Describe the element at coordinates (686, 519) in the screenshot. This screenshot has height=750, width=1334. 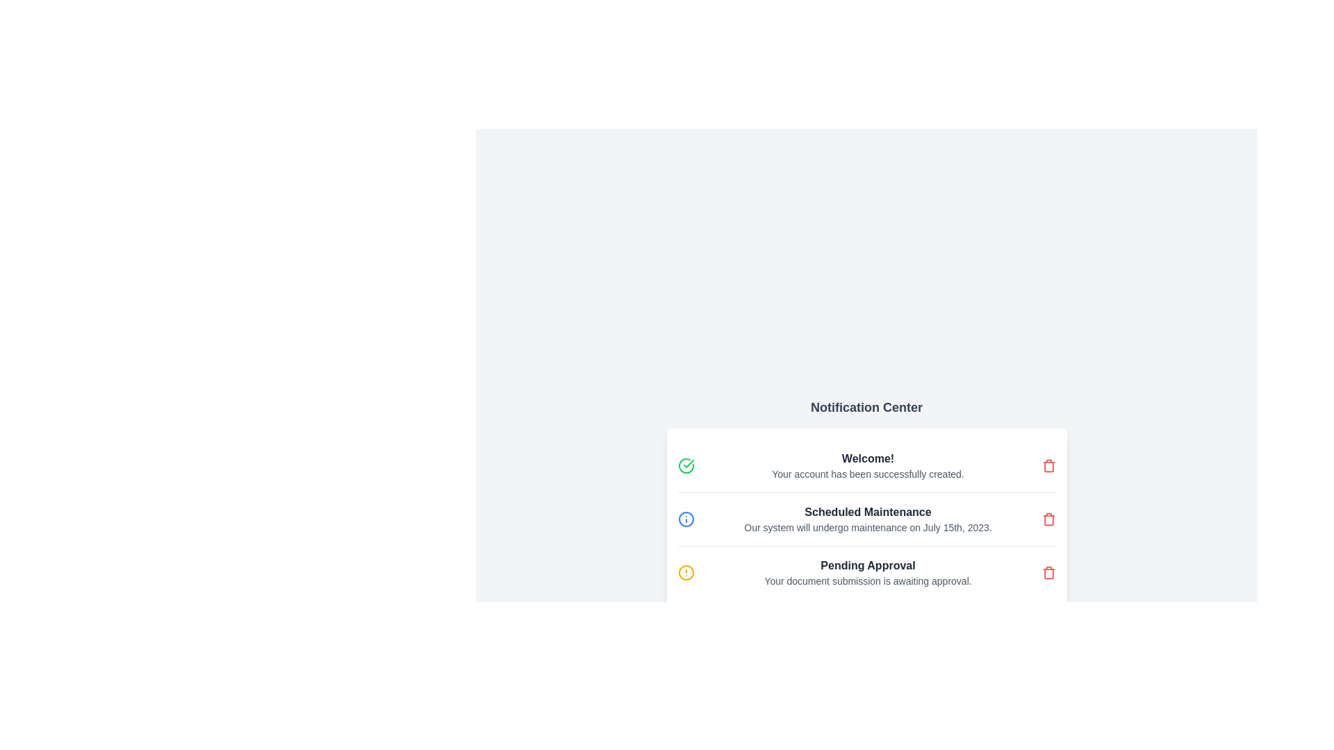
I see `the informational notification icon located to the left of the text 'Scheduled Maintenance' in the Notification Center` at that location.